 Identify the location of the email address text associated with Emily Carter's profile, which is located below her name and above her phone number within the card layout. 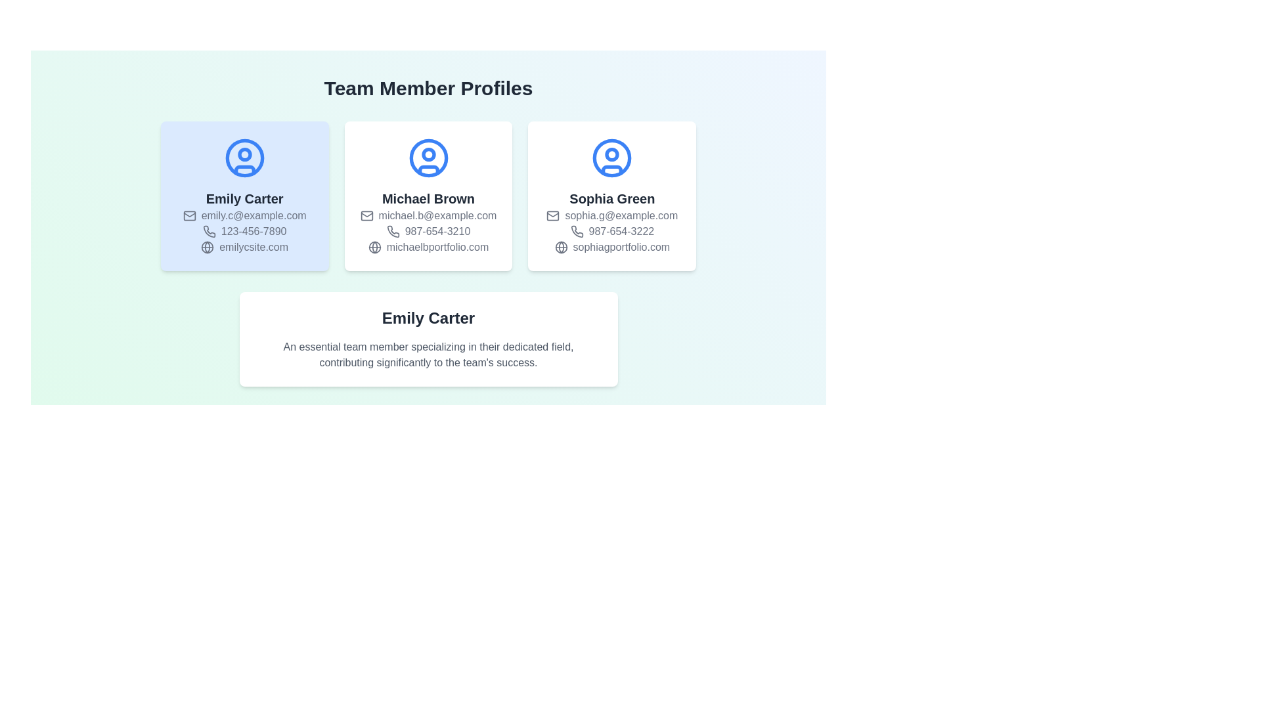
(244, 215).